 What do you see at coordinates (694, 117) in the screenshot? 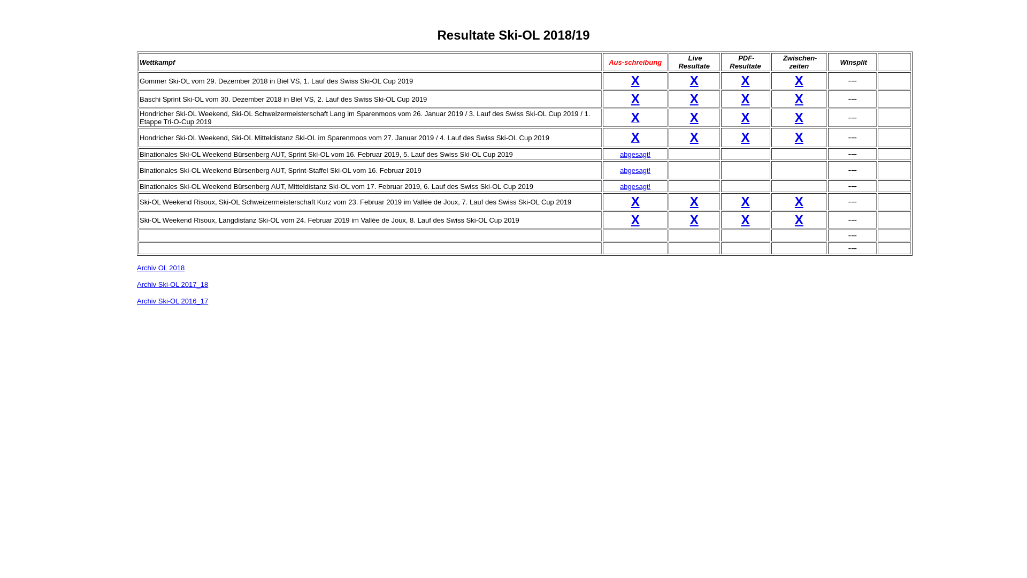
I see `'X'` at bounding box center [694, 117].